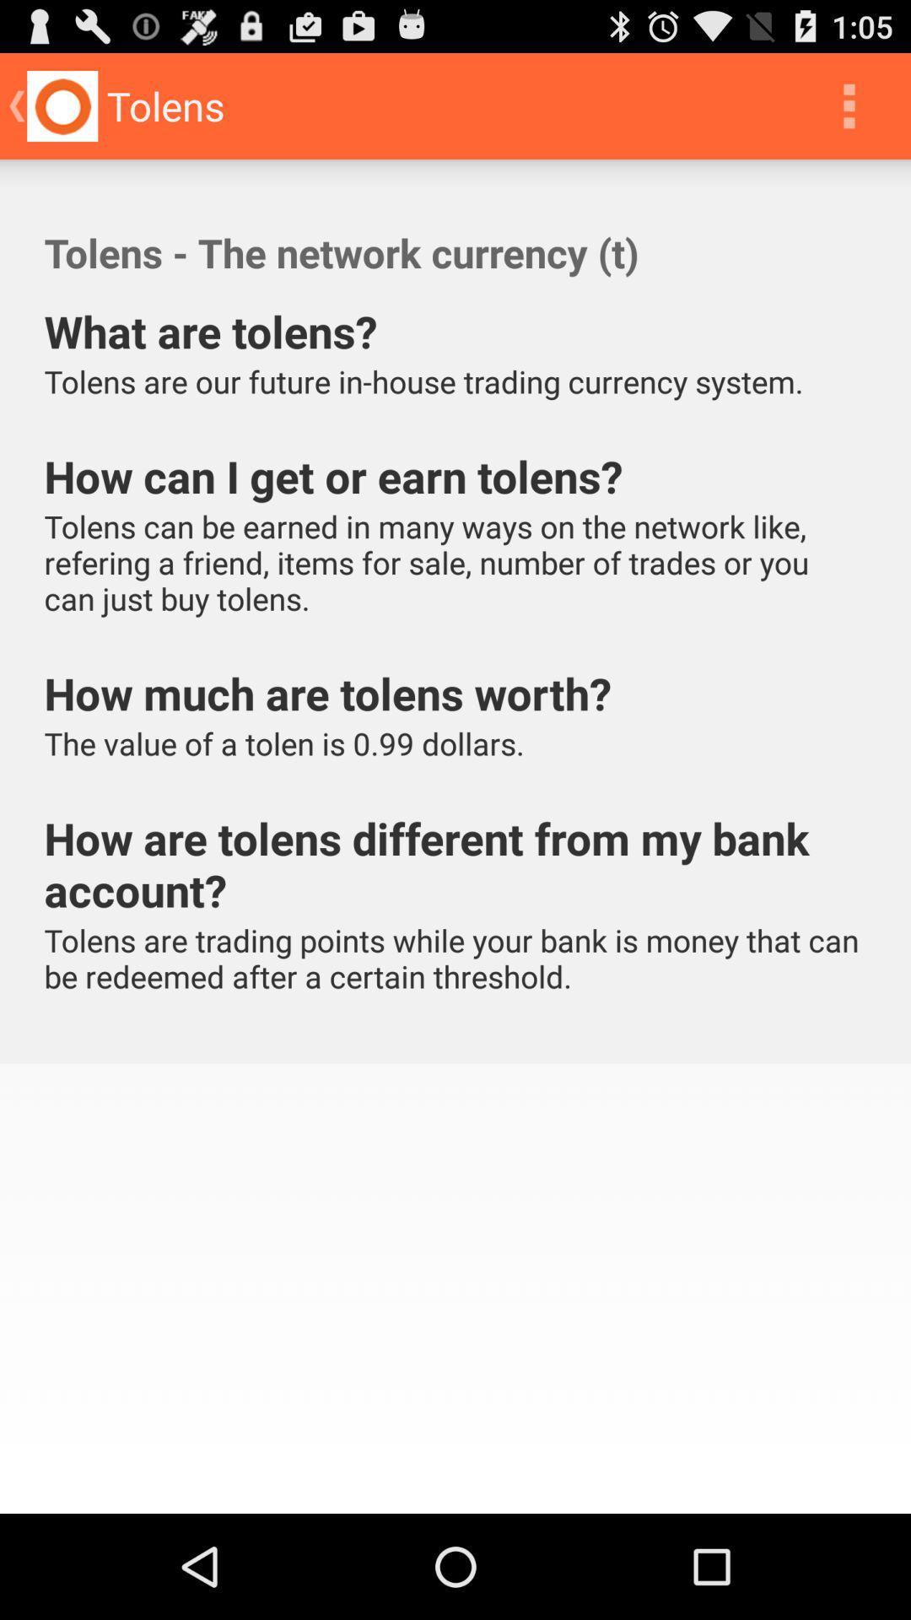 The image size is (911, 1620). Describe the element at coordinates (849, 105) in the screenshot. I see `the app above tolens are our` at that location.